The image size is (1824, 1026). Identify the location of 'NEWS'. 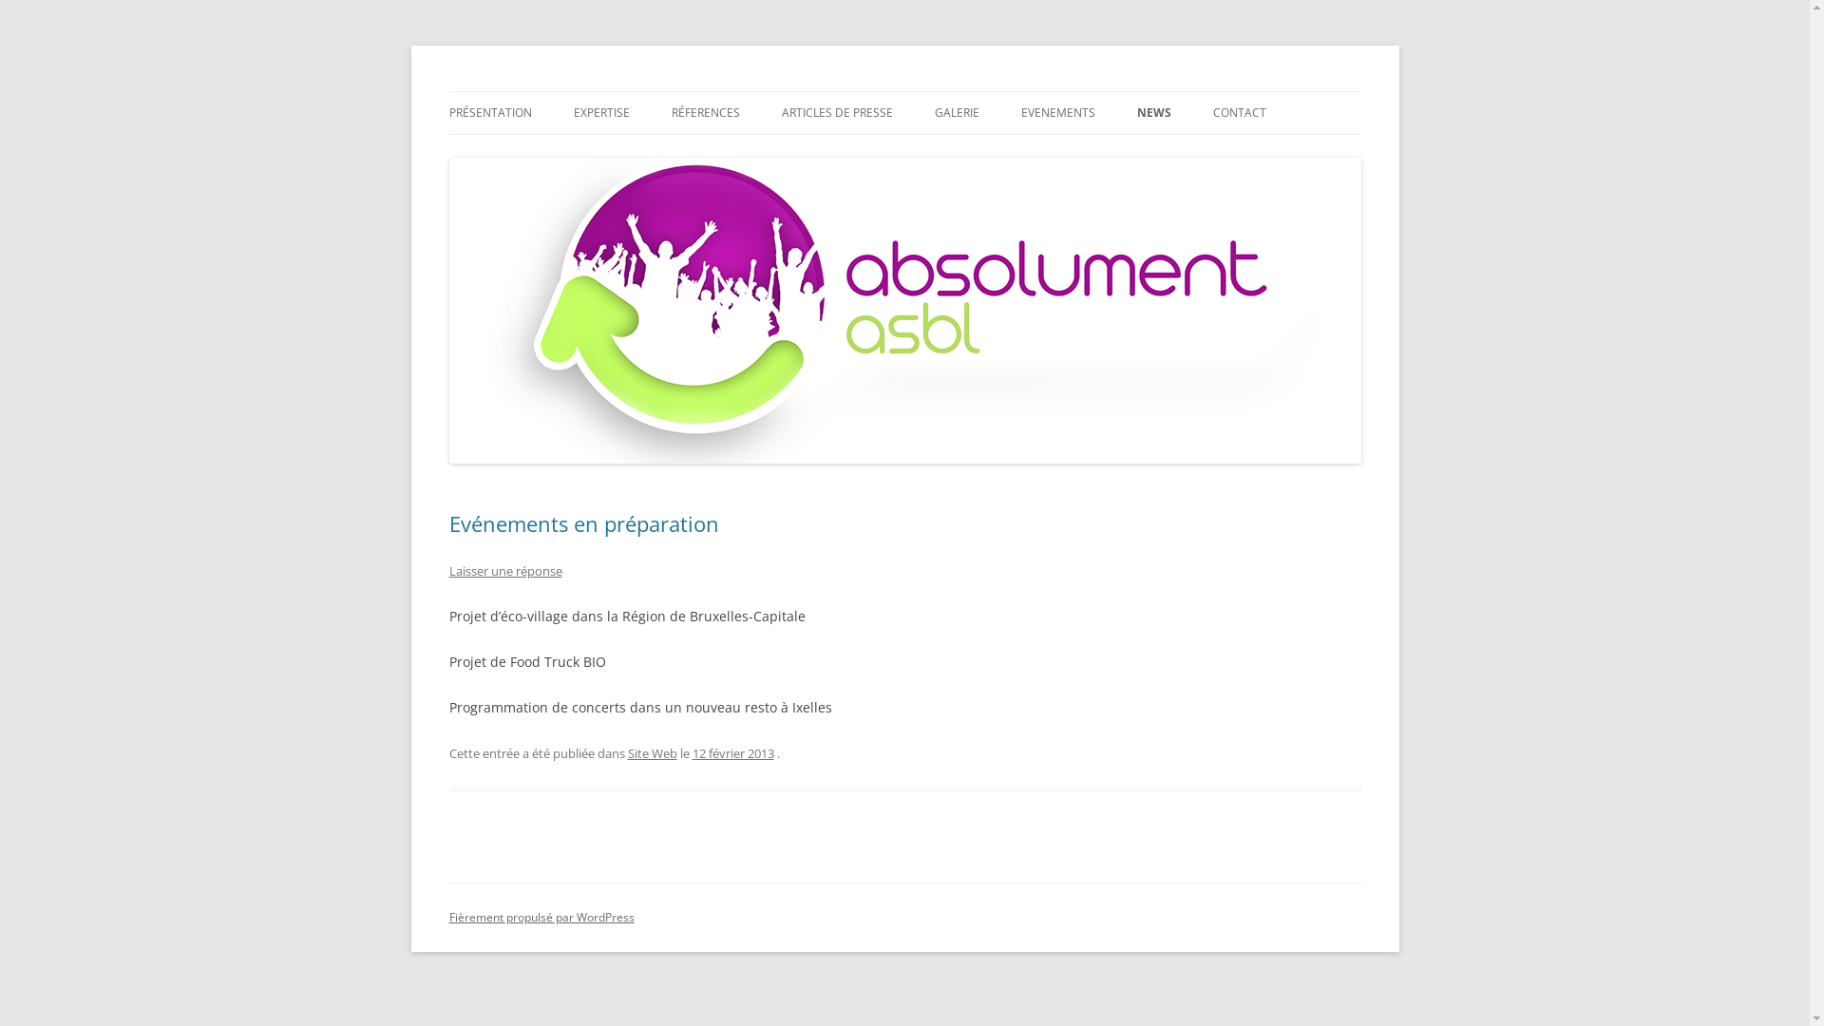
(1152, 113).